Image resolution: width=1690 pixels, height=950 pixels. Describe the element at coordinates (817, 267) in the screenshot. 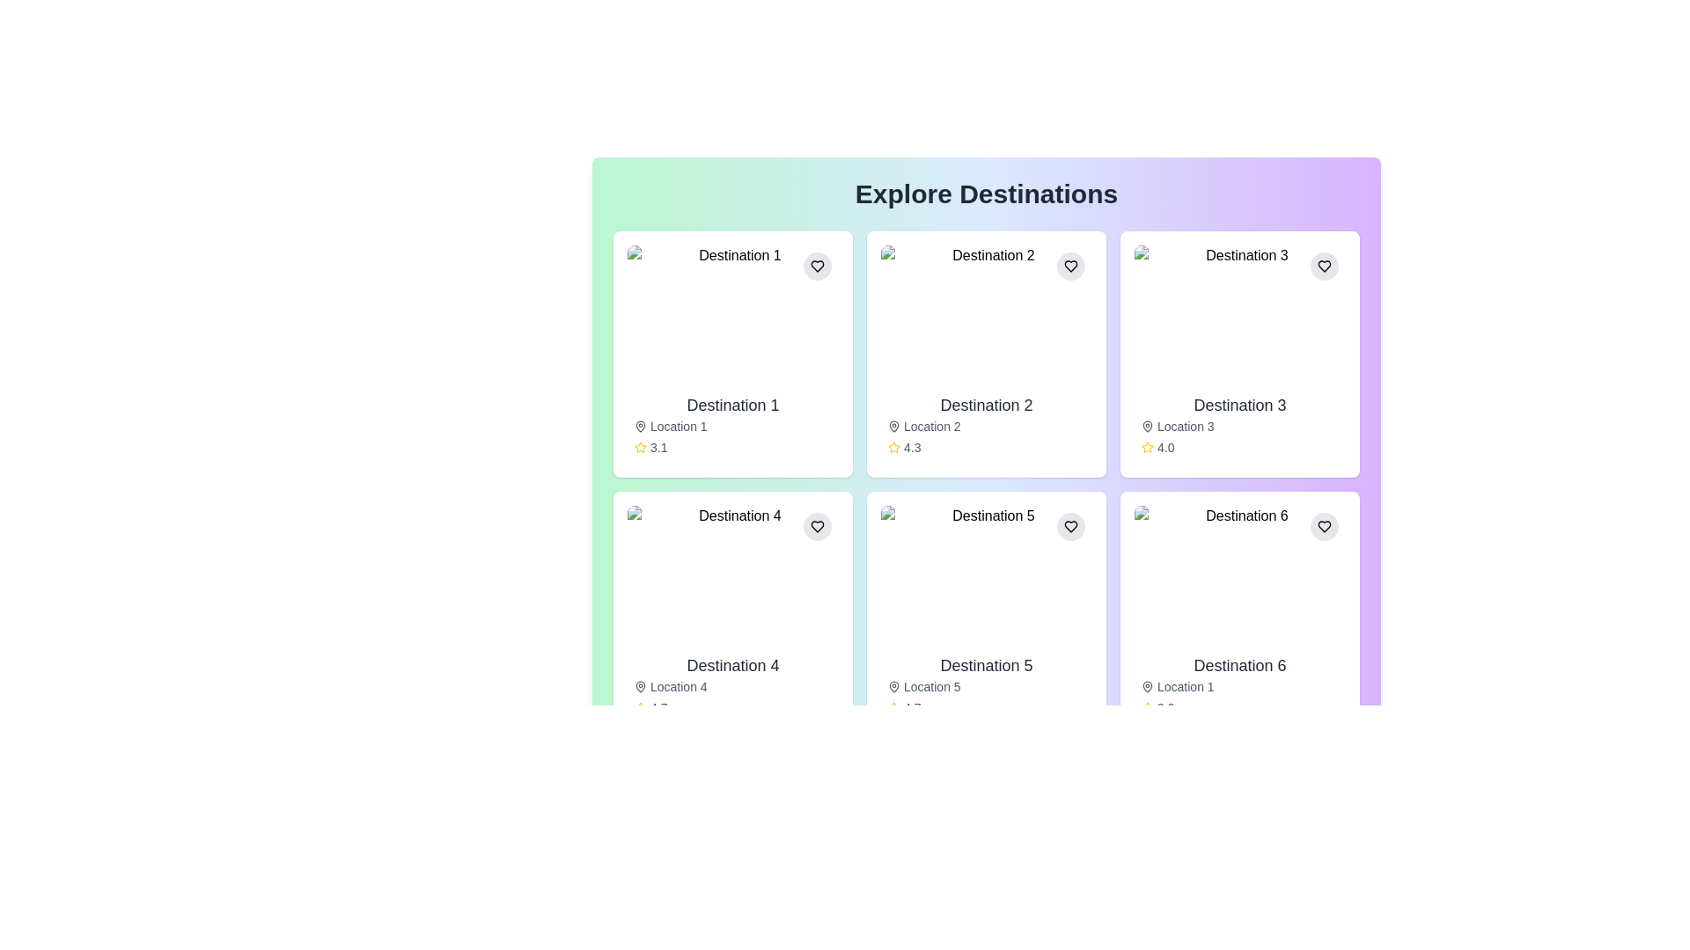

I see `the heart-shaped glyph icon in the first card labeled 'Destination 1', located near the top-right corner of the card` at that location.